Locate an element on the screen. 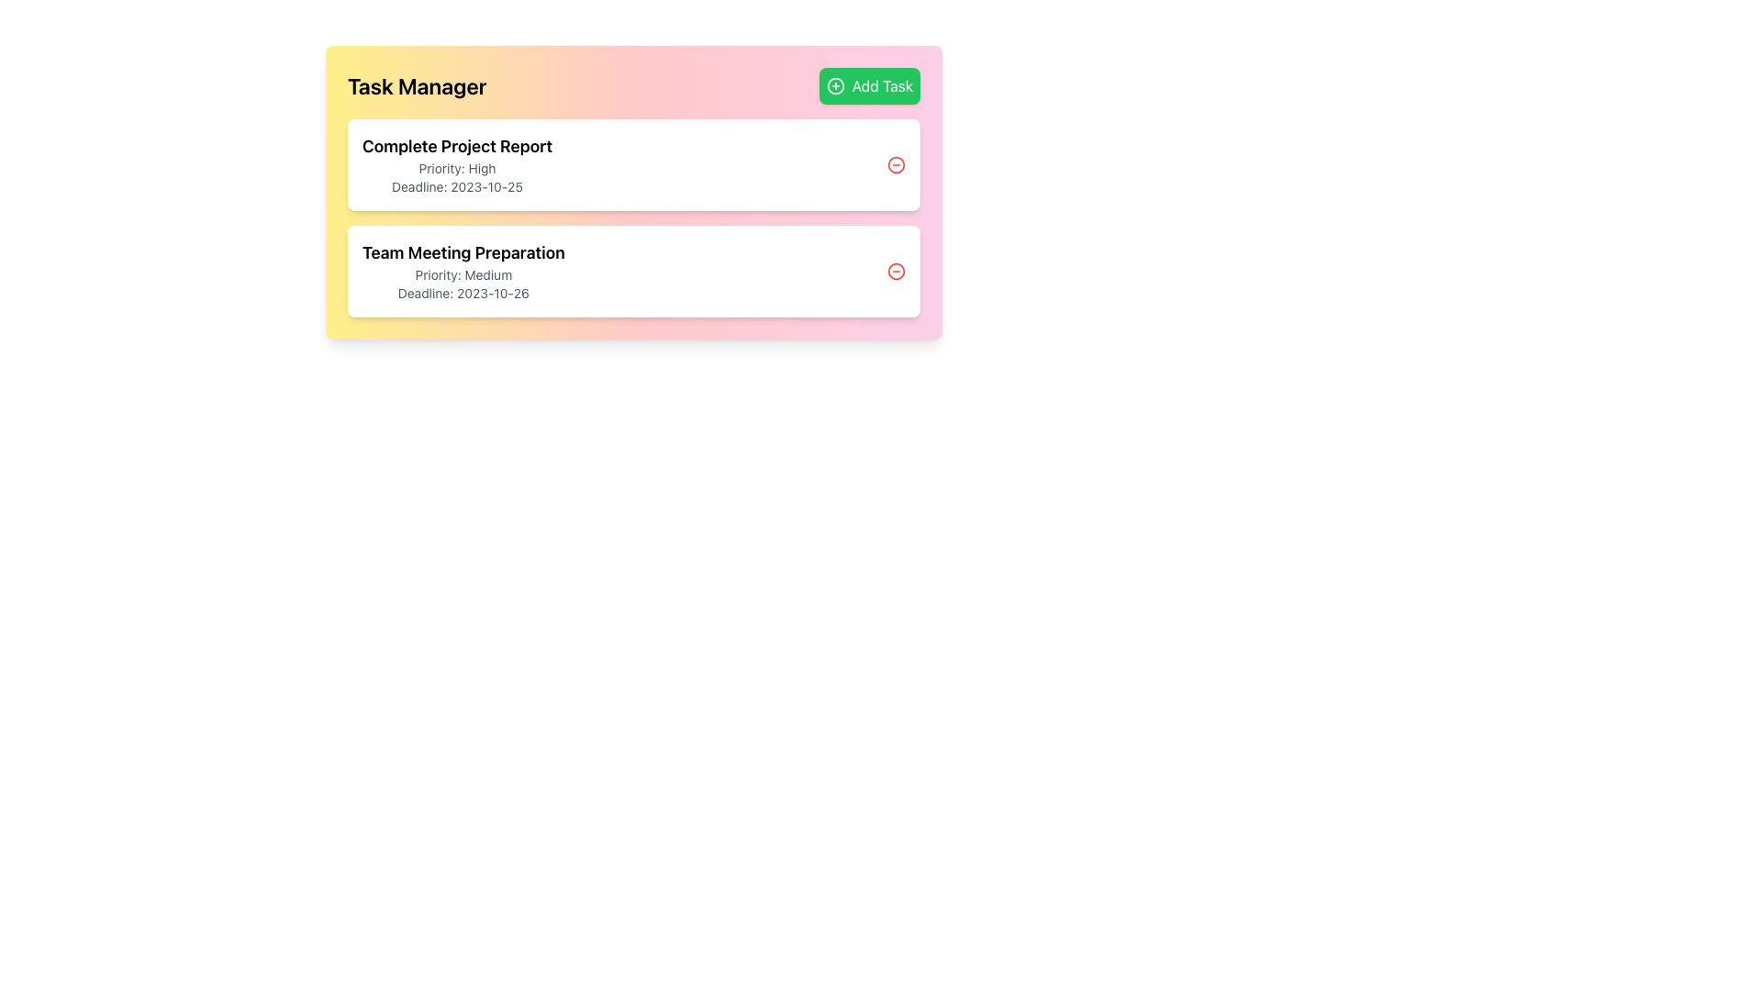 This screenshot has width=1762, height=991. the static text label that serves as the title for the task entry labeled 'Team Meeting Preparation', located in the second row of a vertical list is located at coordinates (463, 253).